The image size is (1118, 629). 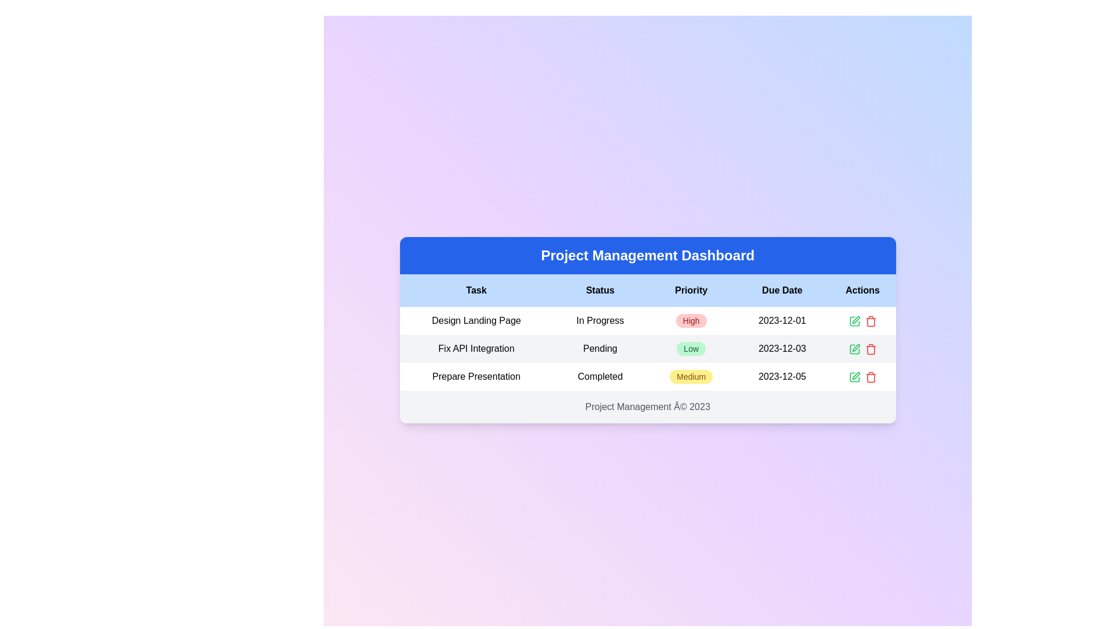 What do you see at coordinates (854, 321) in the screenshot?
I see `the green pen icon button in the 'Actions' column of the table for the task 'Fix API Integration' to initiate edit` at bounding box center [854, 321].